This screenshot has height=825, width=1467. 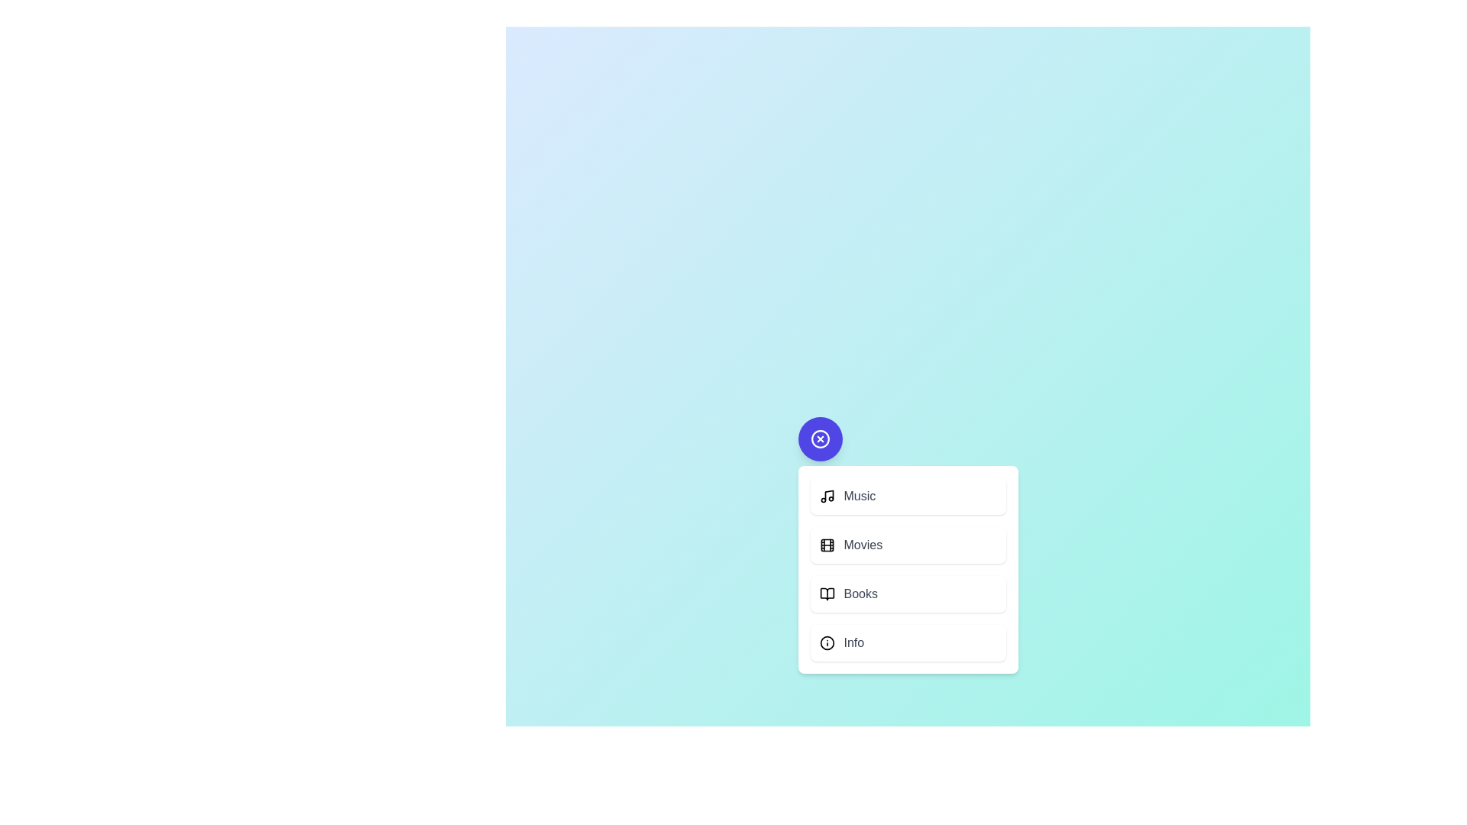 I want to click on the action 'Music' from the menu, so click(x=908, y=497).